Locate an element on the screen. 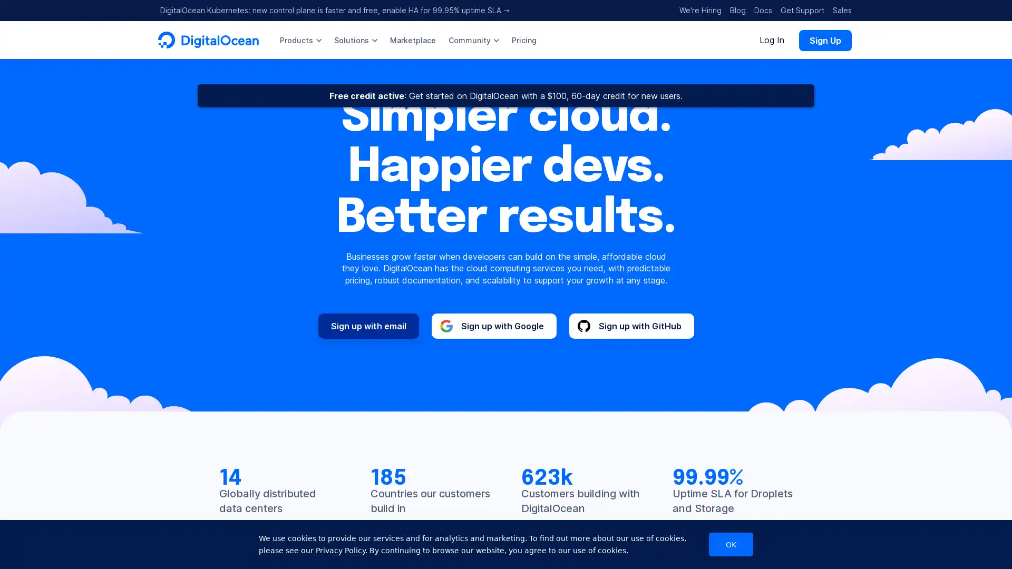 Image resolution: width=1012 pixels, height=569 pixels. OK is located at coordinates (731, 544).